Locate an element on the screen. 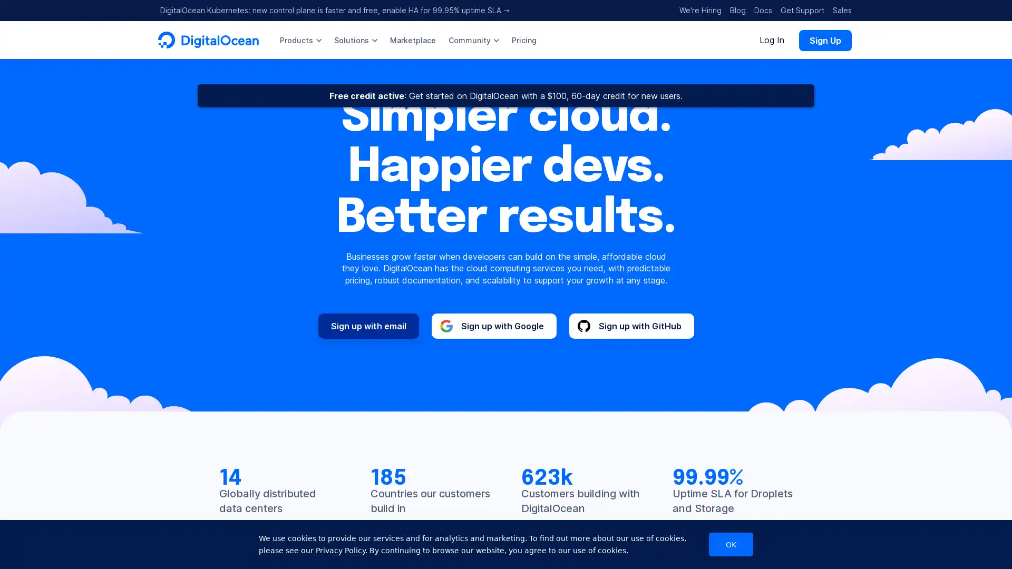 Image resolution: width=1012 pixels, height=569 pixels. OK is located at coordinates (731, 544).